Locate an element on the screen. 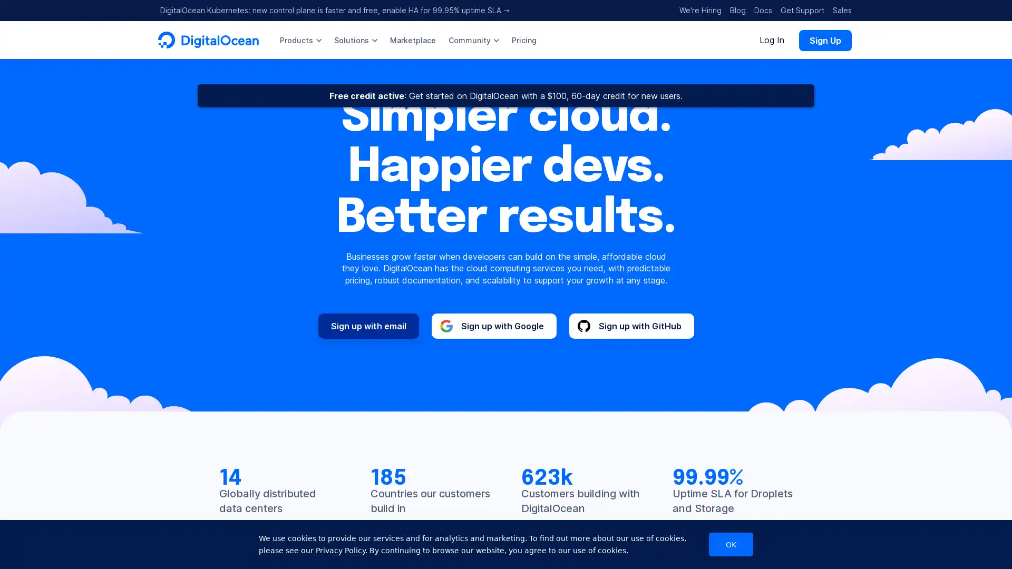 Image resolution: width=1012 pixels, height=569 pixels. OK is located at coordinates (731, 544).